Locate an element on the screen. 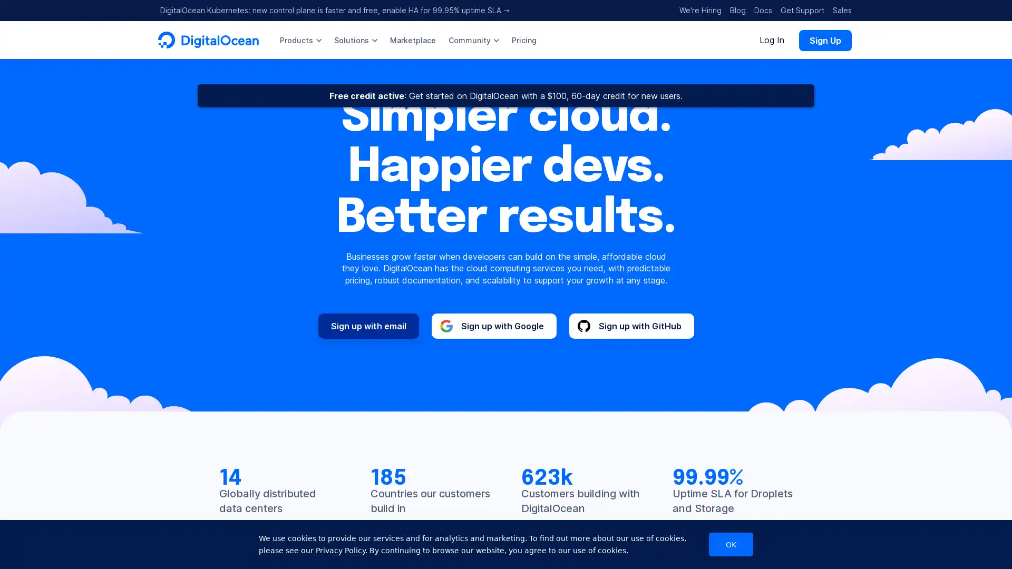 Image resolution: width=1012 pixels, height=569 pixels. OK is located at coordinates (731, 544).